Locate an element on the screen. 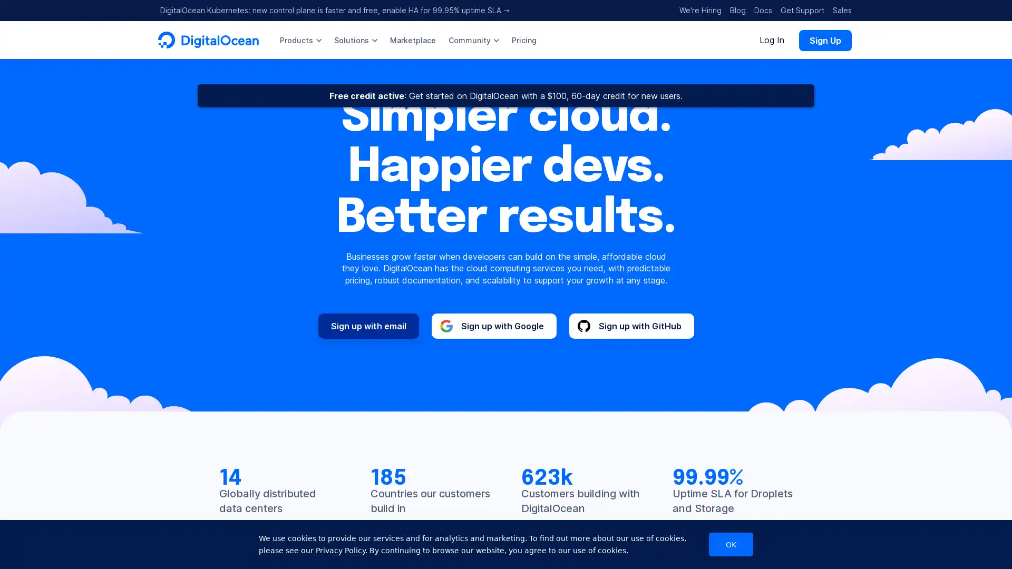 Image resolution: width=1012 pixels, height=569 pixels. OK is located at coordinates (731, 544).